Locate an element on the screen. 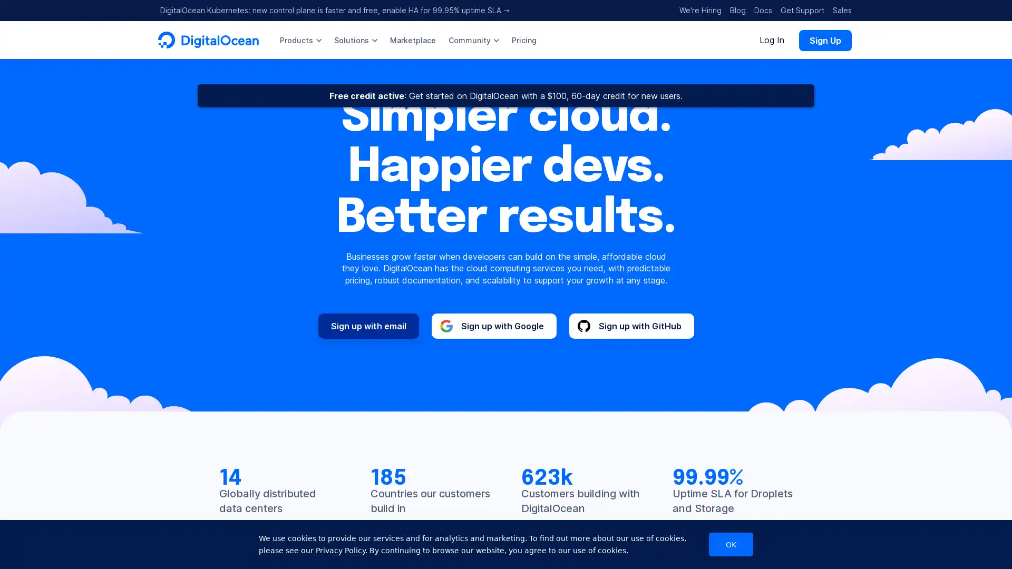 Image resolution: width=1012 pixels, height=569 pixels. OK is located at coordinates (731, 544).